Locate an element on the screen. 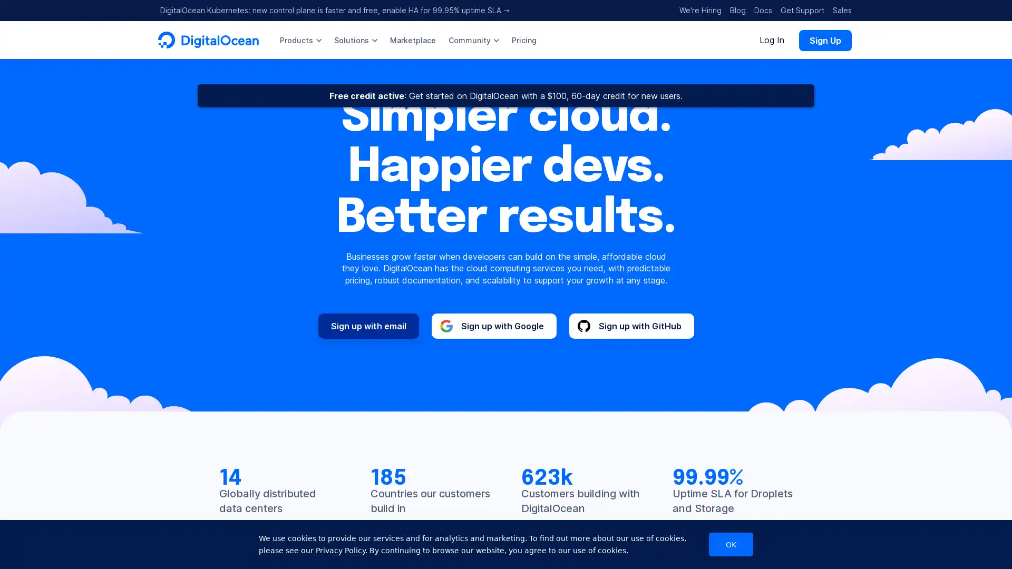 Image resolution: width=1012 pixels, height=569 pixels. OK is located at coordinates (731, 544).